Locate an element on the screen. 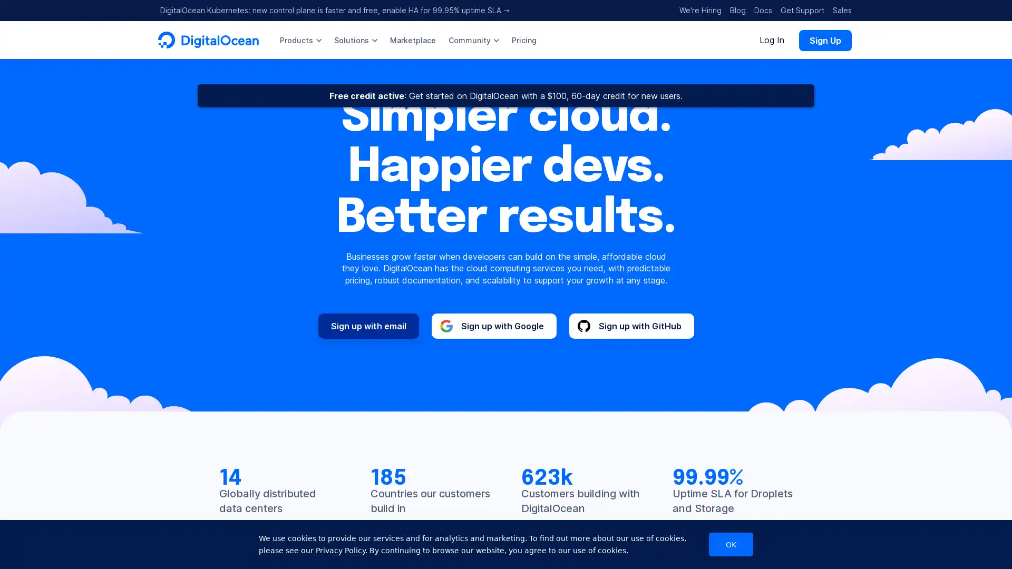 Image resolution: width=1012 pixels, height=569 pixels. OK is located at coordinates (731, 544).